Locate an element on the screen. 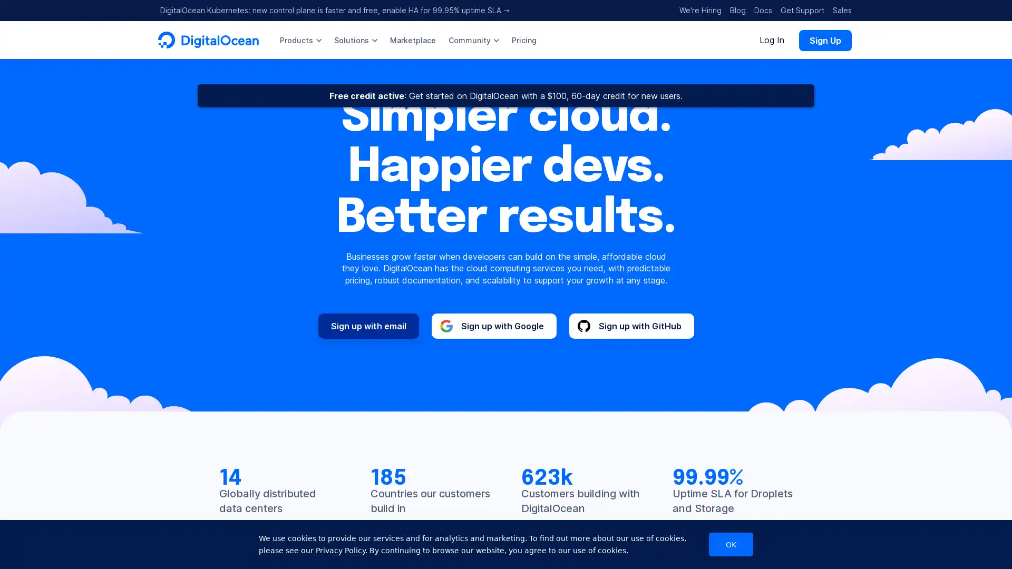 Image resolution: width=1012 pixels, height=569 pixels. OK is located at coordinates (731, 544).